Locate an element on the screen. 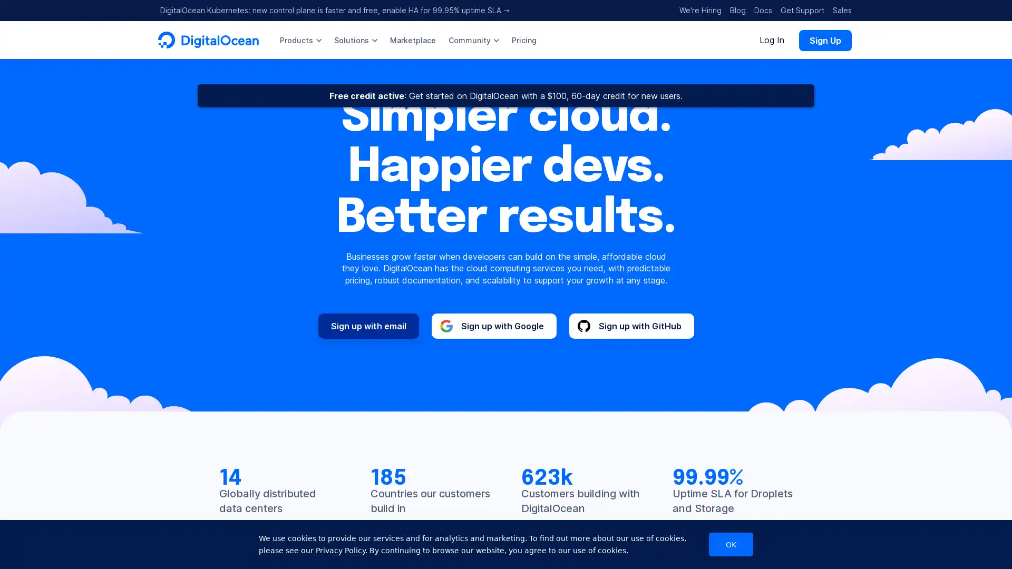 Image resolution: width=1012 pixels, height=569 pixels. OK is located at coordinates (731, 544).